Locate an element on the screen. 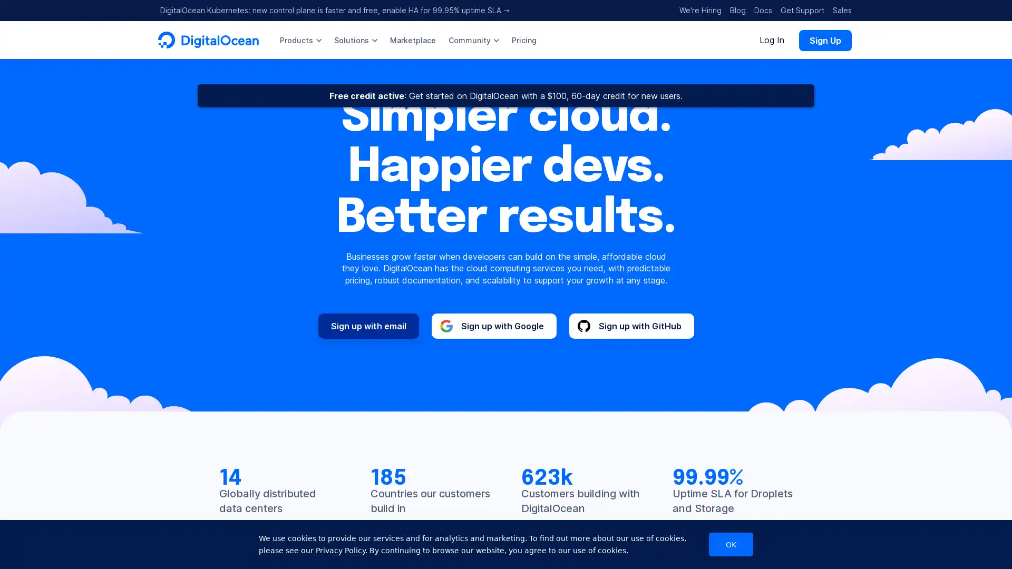 Image resolution: width=1012 pixels, height=569 pixels. OK is located at coordinates (731, 544).